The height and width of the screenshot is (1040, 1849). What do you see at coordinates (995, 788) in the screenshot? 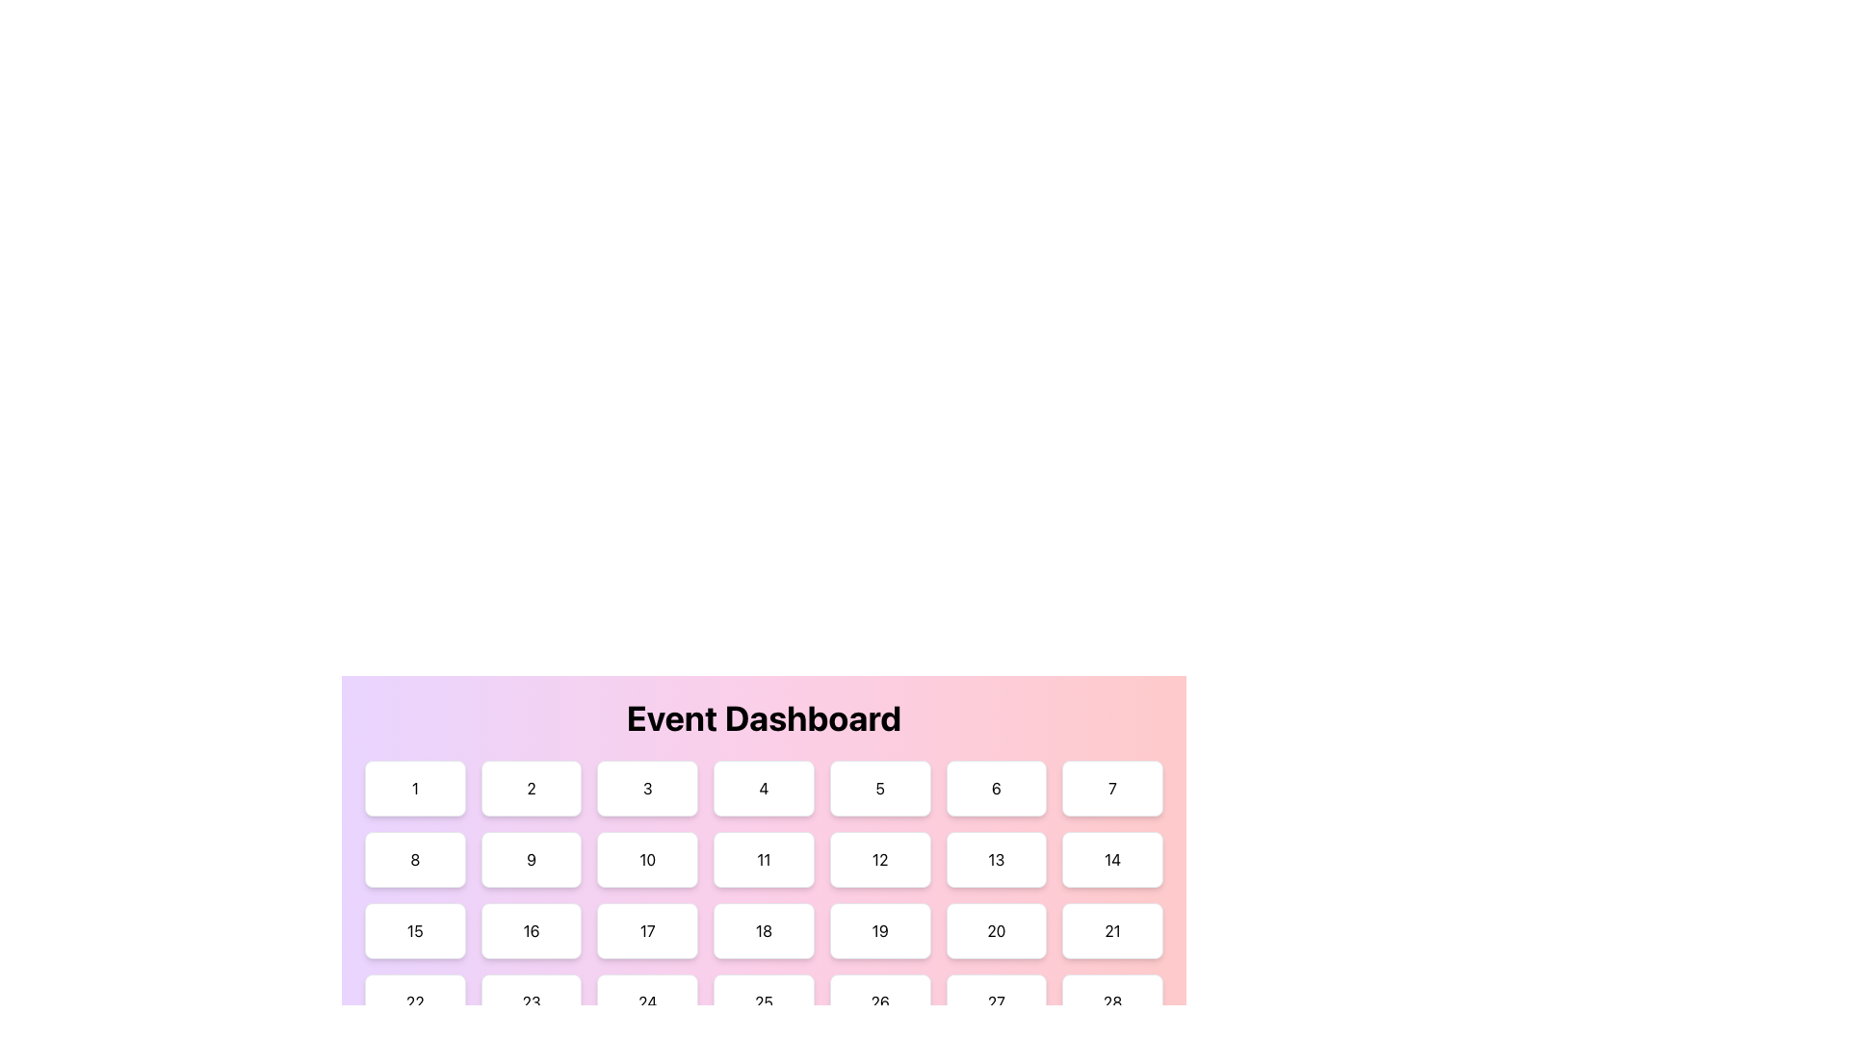
I see `the button corresponding to the number '6' located in the first row and sixth column of the grid layout` at bounding box center [995, 788].